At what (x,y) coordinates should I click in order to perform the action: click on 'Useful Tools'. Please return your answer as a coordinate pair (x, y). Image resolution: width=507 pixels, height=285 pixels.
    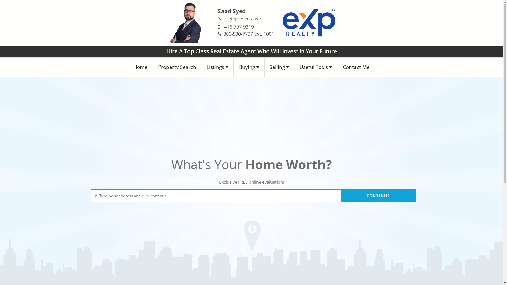
    Looking at the image, I should click on (294, 67).